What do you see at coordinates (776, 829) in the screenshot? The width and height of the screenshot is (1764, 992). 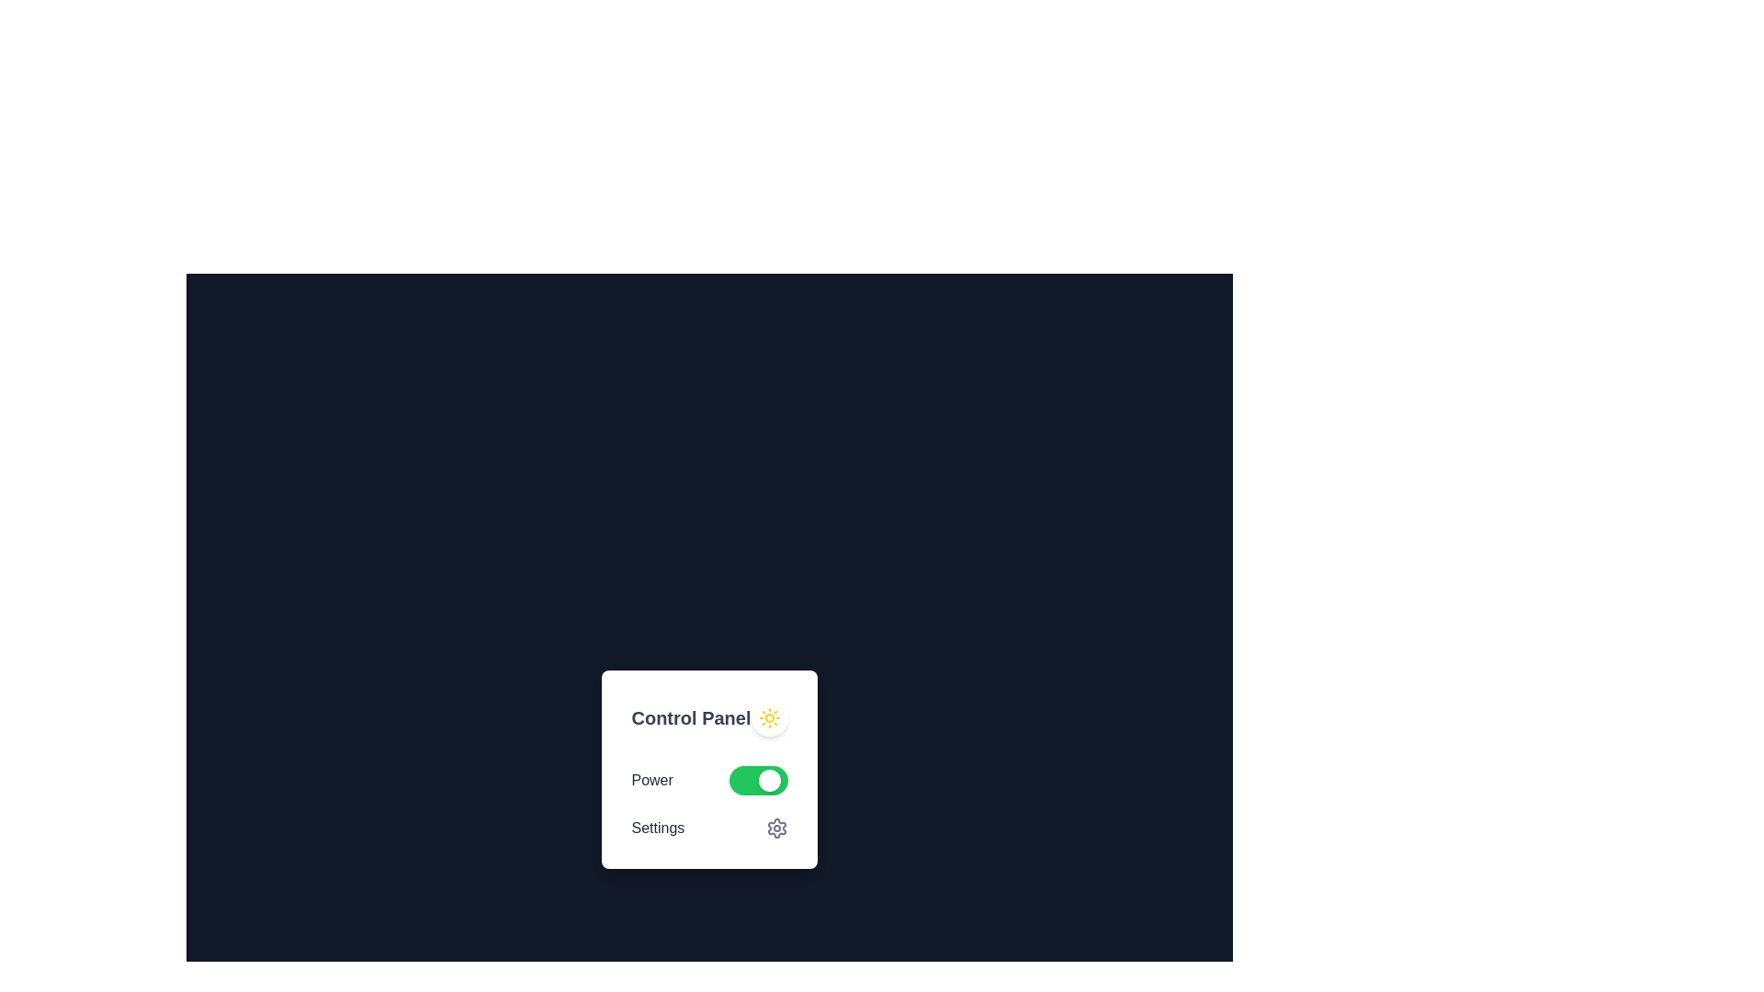 I see `the settings icon located in the bottom-right corner of the Control Panel interface` at bounding box center [776, 829].